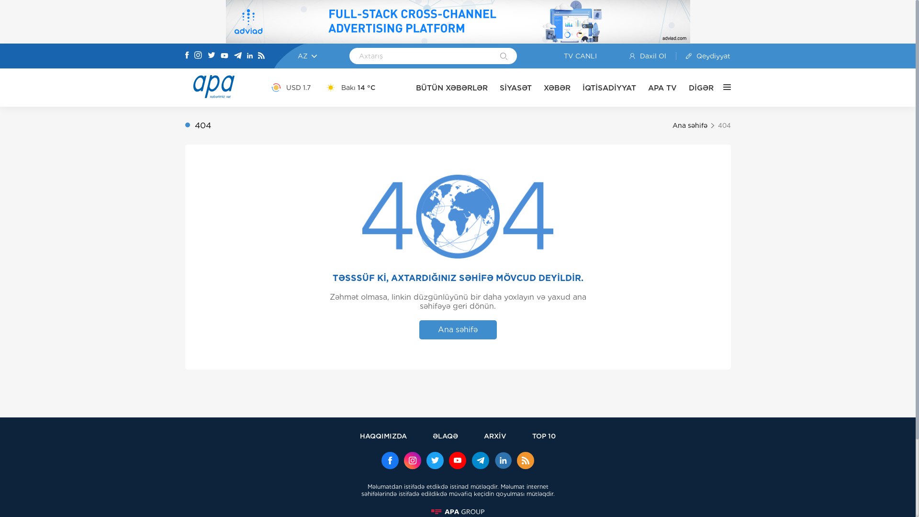  What do you see at coordinates (661, 88) in the screenshot?
I see `'APA TV'` at bounding box center [661, 88].